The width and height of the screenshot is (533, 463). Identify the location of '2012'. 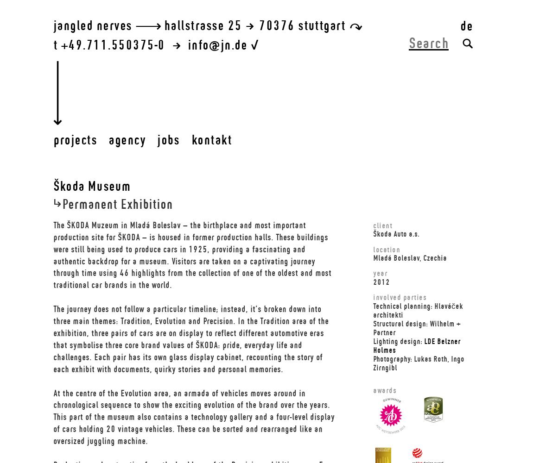
(381, 281).